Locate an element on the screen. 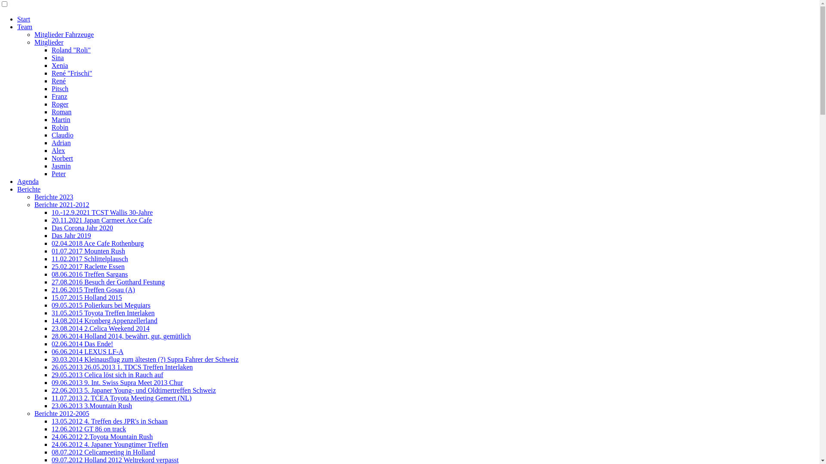 The height and width of the screenshot is (464, 826). 'Alex' is located at coordinates (58, 150).